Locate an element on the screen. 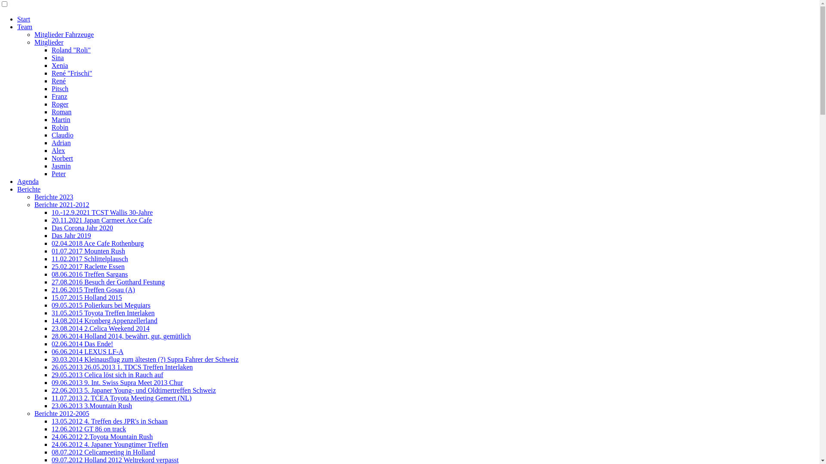 The height and width of the screenshot is (464, 826). 'Alex' is located at coordinates (58, 150).